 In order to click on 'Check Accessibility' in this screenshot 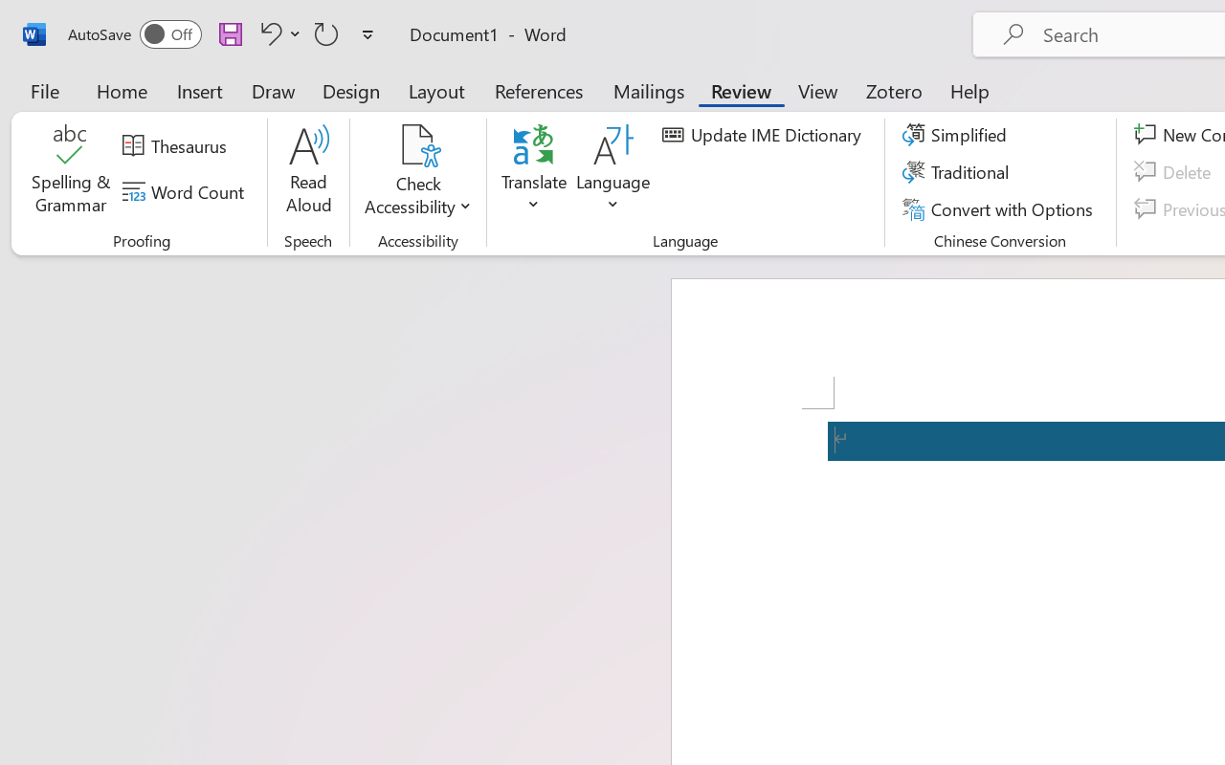, I will do `click(417, 171)`.